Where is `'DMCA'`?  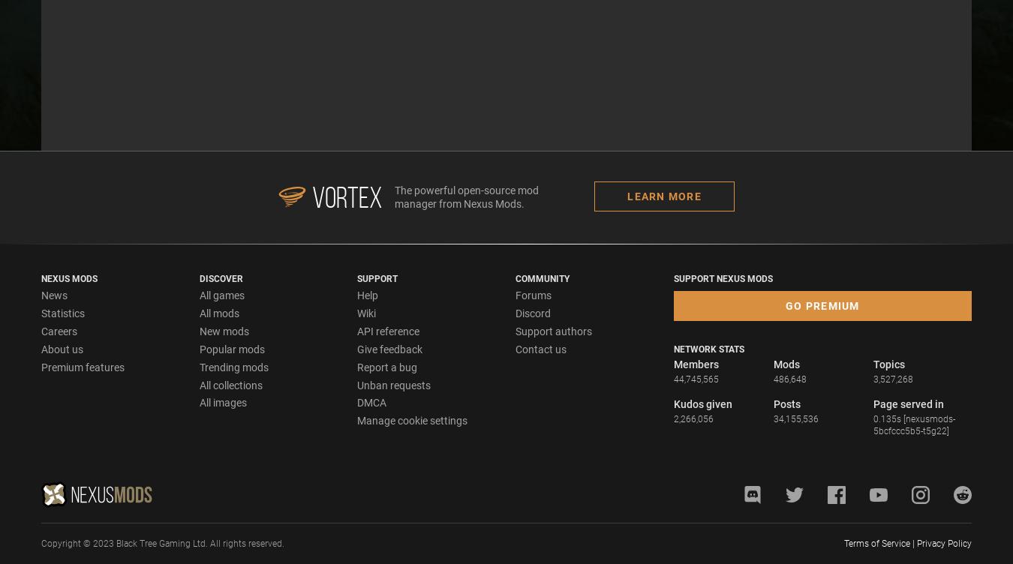 'DMCA' is located at coordinates (371, 402).